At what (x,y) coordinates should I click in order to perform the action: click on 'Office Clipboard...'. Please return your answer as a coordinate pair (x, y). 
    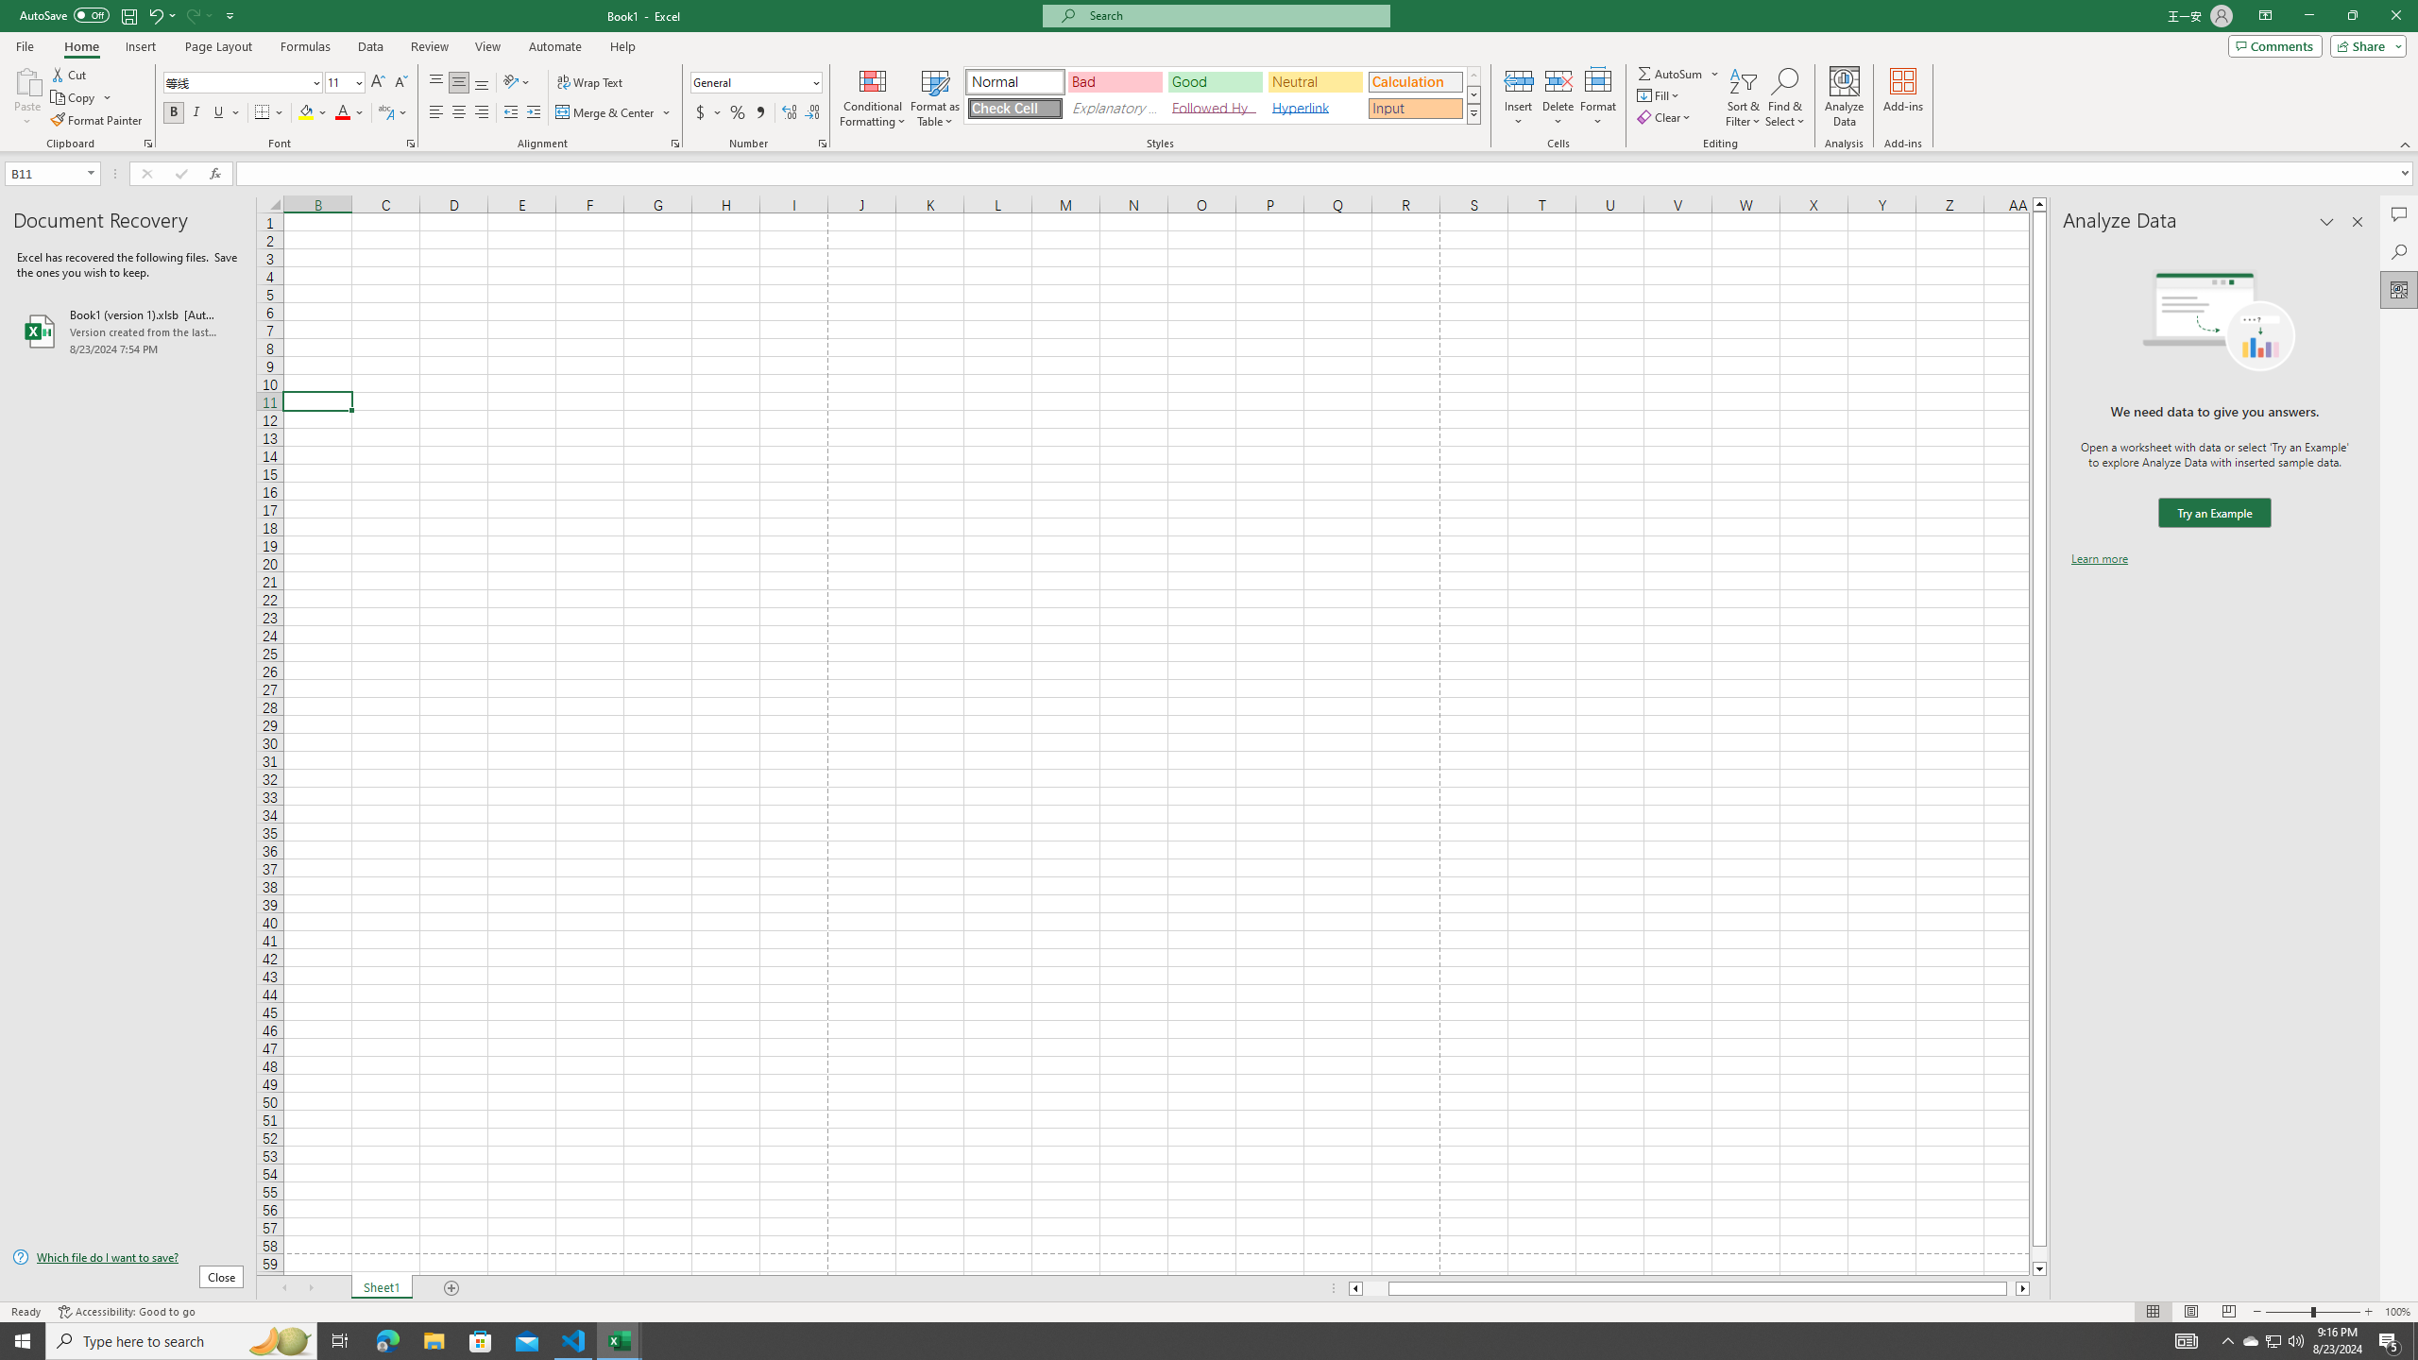
    Looking at the image, I should click on (146, 142).